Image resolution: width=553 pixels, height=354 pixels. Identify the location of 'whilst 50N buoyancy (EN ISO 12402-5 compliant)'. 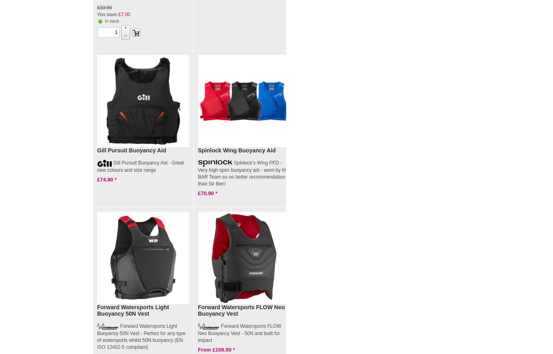
(97, 343).